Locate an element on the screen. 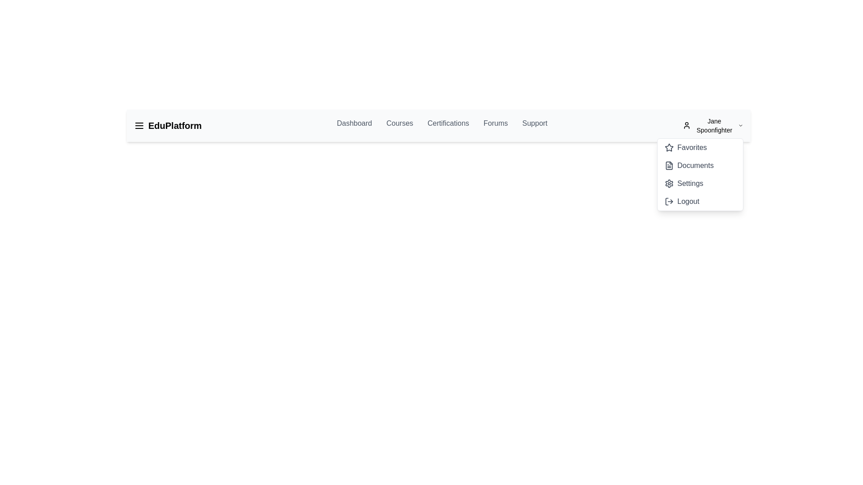  the 'Courses' navigation tab, which is the second tab in a horizontal navigation bar located at the top of the interface is located at coordinates (399, 126).